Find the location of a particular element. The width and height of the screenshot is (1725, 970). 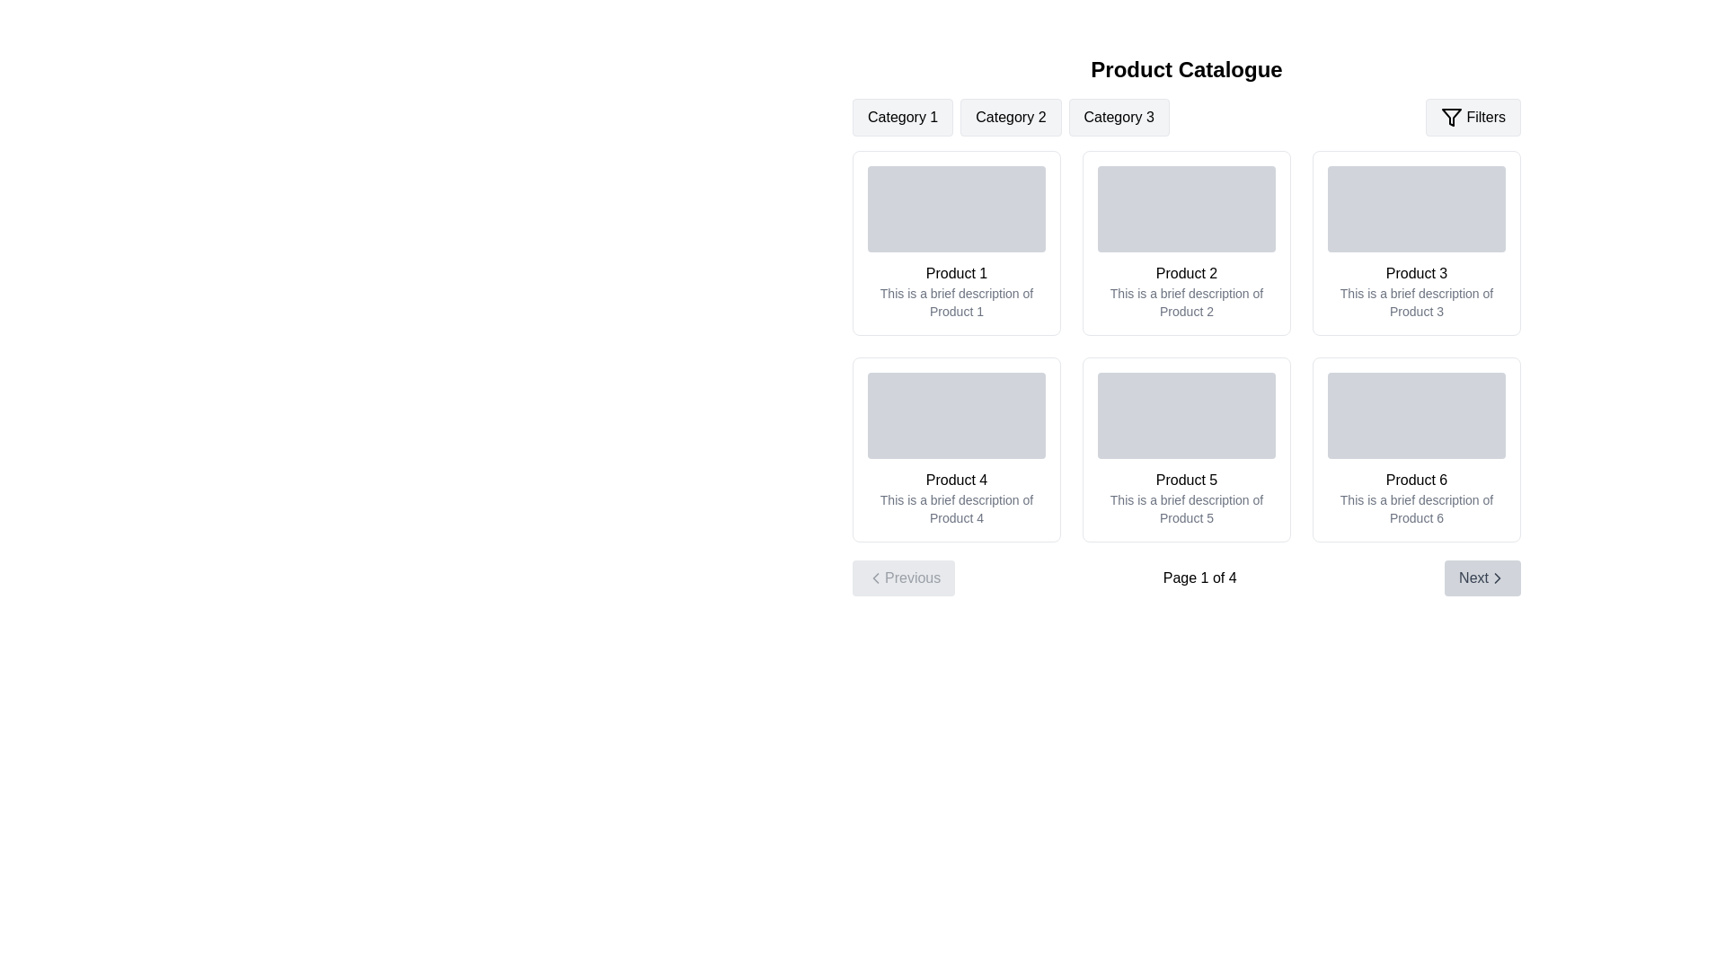

the navigation icon inside the 'Previous' button at the bottom left of the interface is located at coordinates (875, 578).